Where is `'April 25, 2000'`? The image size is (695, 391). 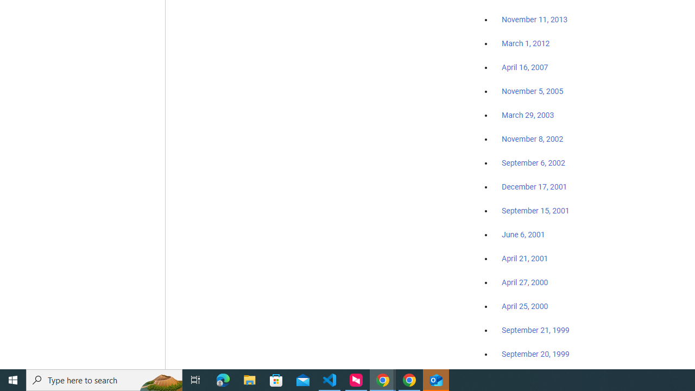 'April 25, 2000' is located at coordinates (525, 306).